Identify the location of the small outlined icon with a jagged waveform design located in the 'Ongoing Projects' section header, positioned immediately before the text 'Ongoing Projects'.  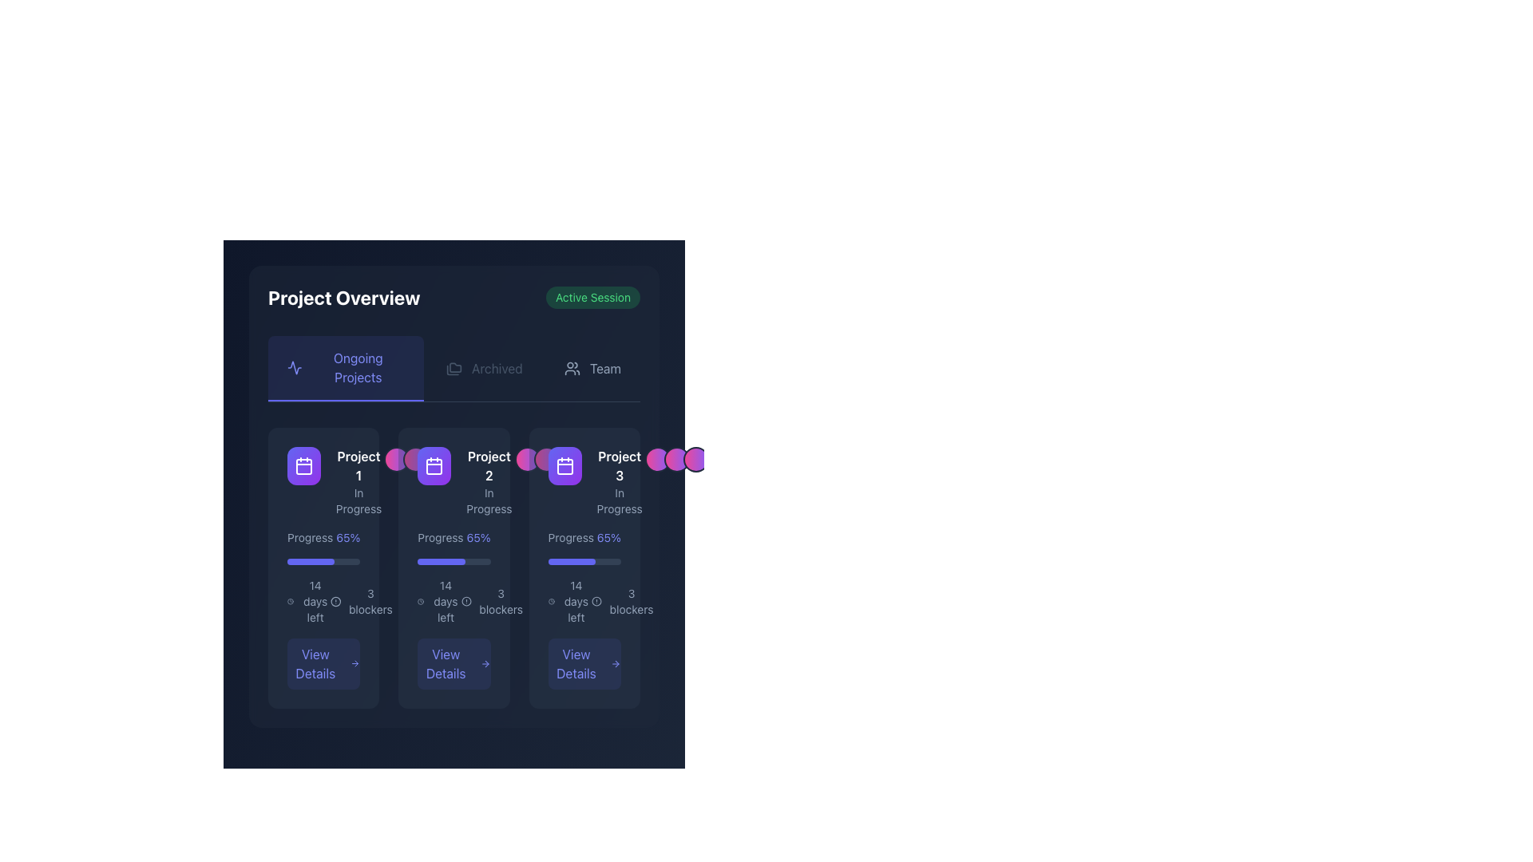
(295, 368).